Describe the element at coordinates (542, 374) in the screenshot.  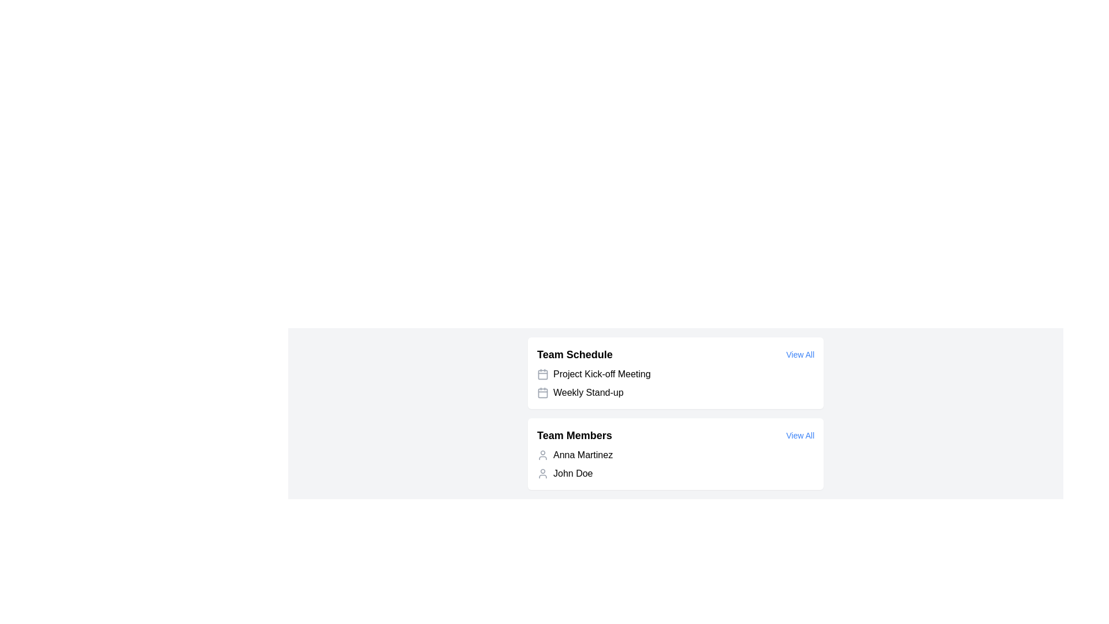
I see `the small gray calendar icon located to the left of the 'Project Kick-off Meeting' text in the 'Team Schedule' section` at that location.